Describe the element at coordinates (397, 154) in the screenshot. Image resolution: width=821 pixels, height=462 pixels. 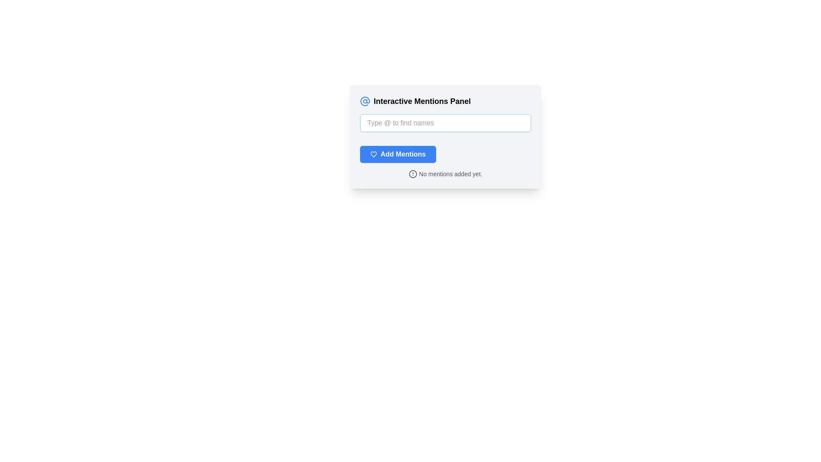
I see `the button located below the text input field labeled 'Type @ to find names'` at that location.